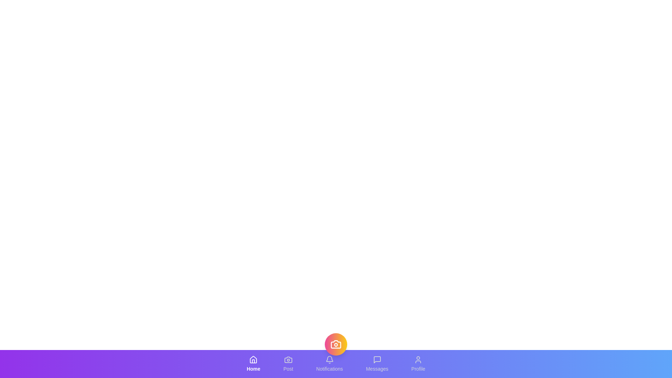  Describe the element at coordinates (329, 364) in the screenshot. I see `the tab labeled Notifications to observe the visual effect` at that location.